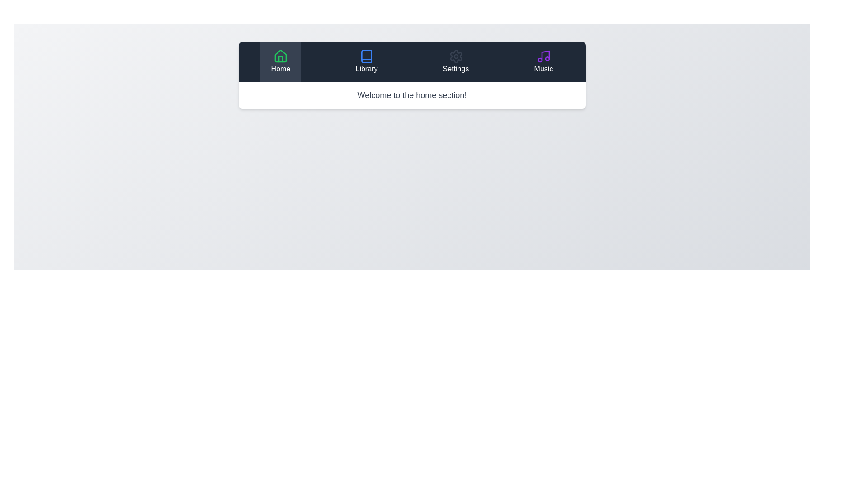 The image size is (868, 488). Describe the element at coordinates (367, 61) in the screenshot. I see `the Library tab to view its content` at that location.